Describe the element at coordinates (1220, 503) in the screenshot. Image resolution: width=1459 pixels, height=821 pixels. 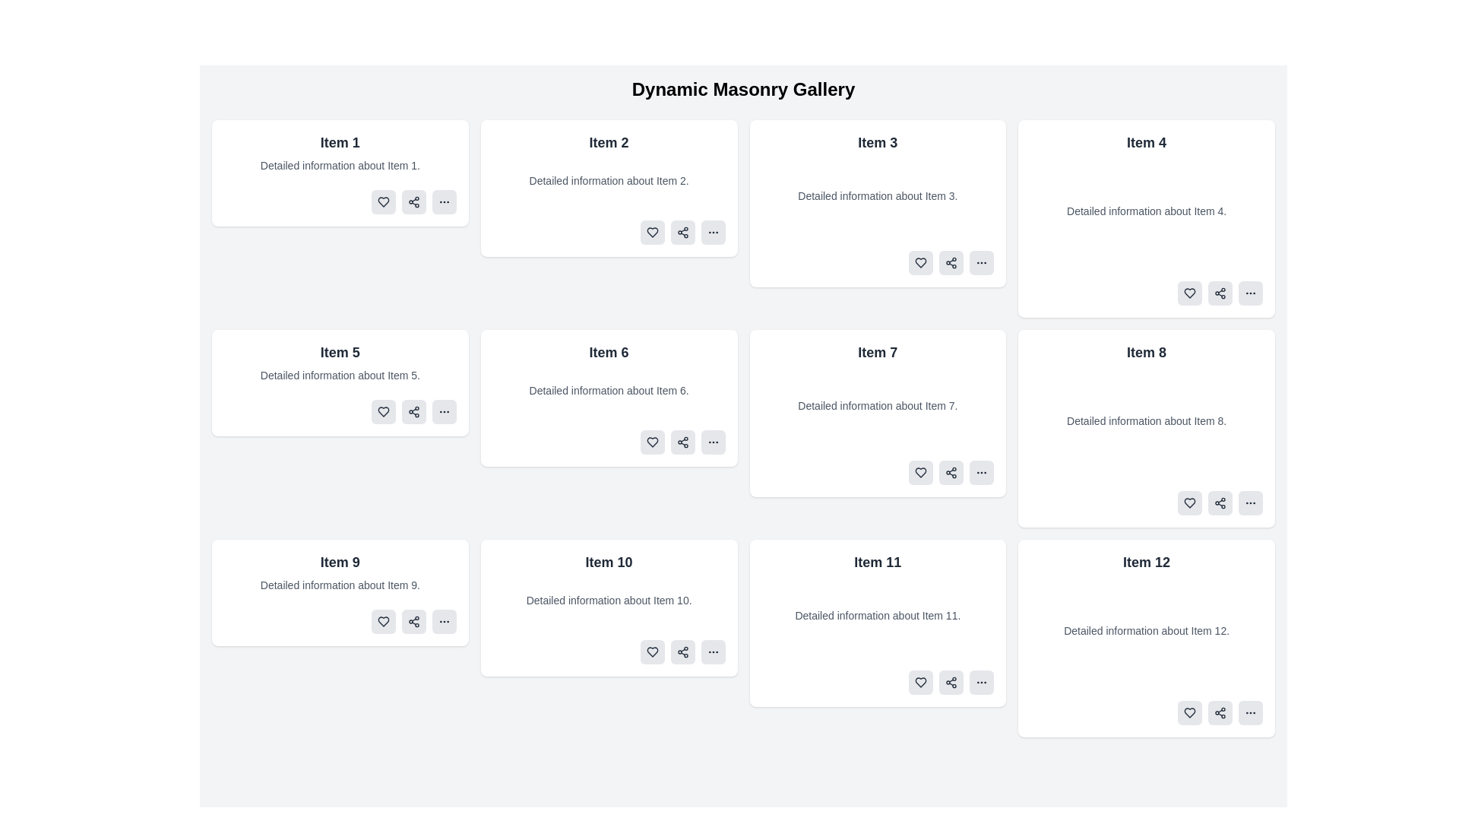
I see `the 'share' button located at the bottom-right corner of the card for 'Item 8', positioned between the heart-shaped button and the three-dot button` at that location.